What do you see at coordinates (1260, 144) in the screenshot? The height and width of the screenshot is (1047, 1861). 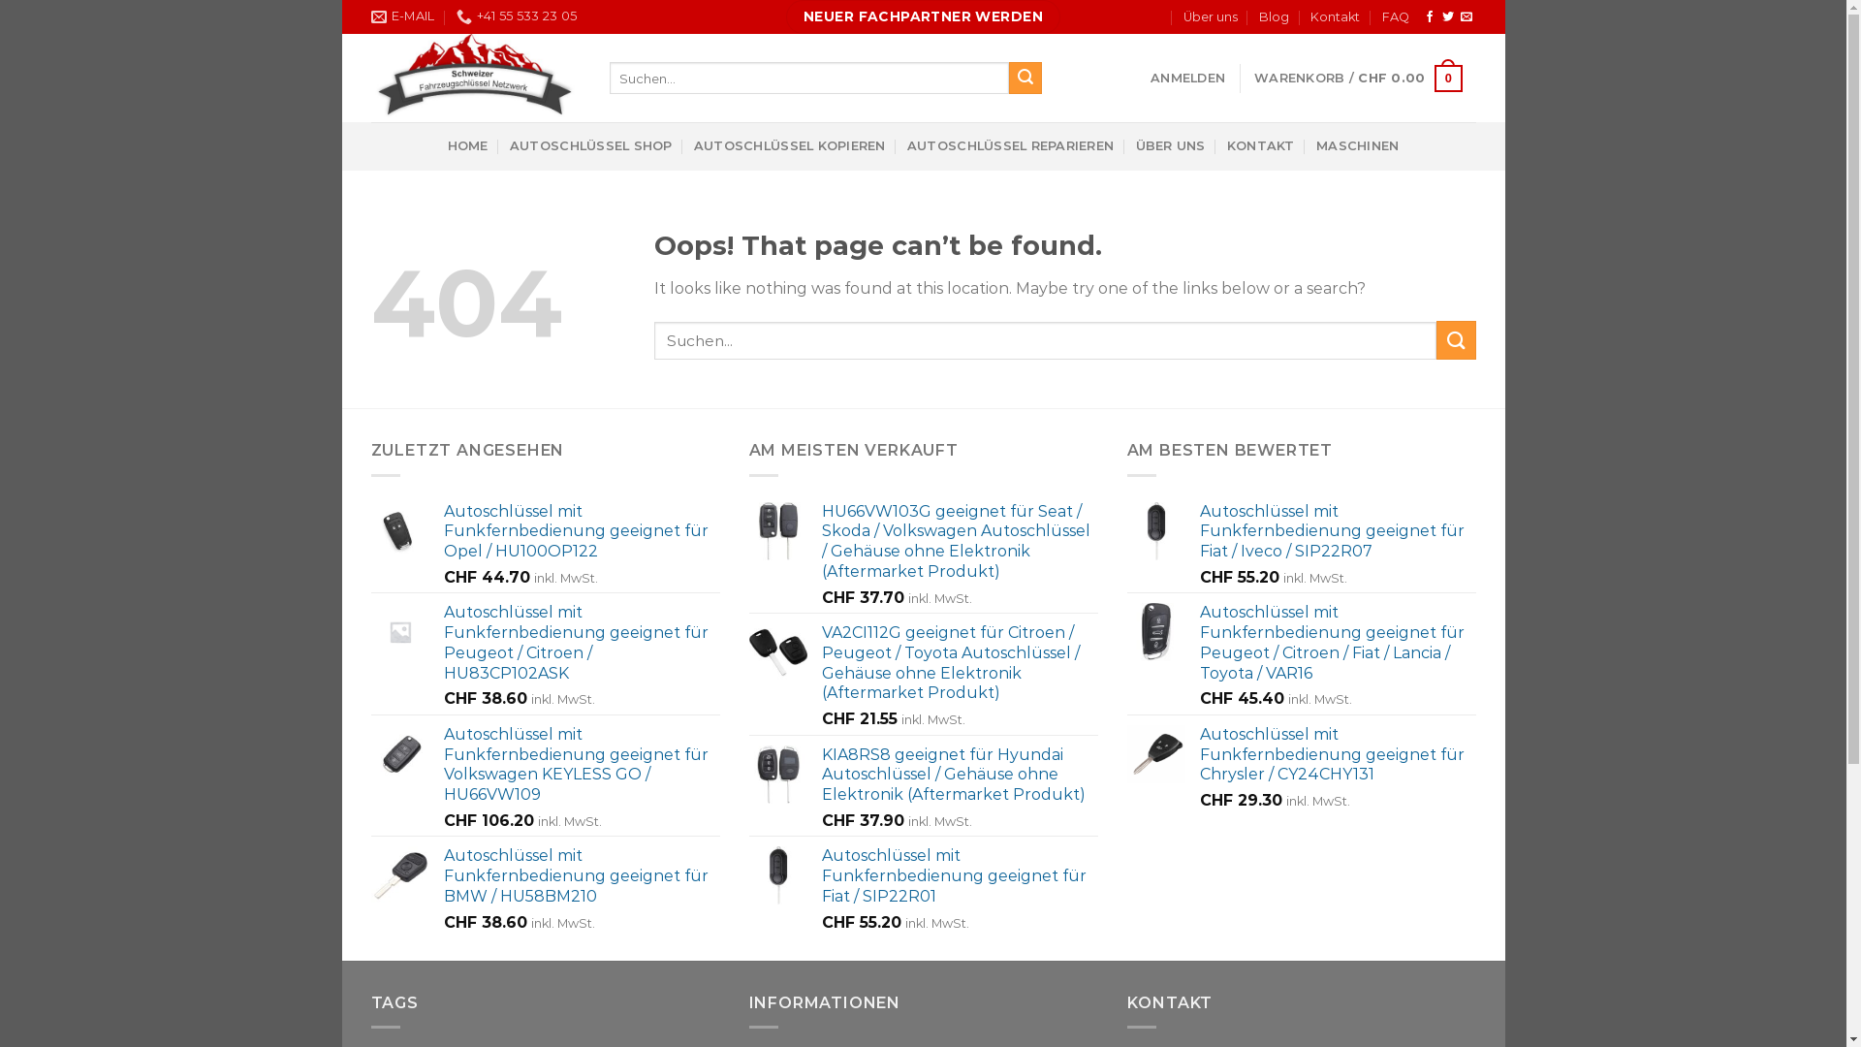 I see `'KONTAKT'` at bounding box center [1260, 144].